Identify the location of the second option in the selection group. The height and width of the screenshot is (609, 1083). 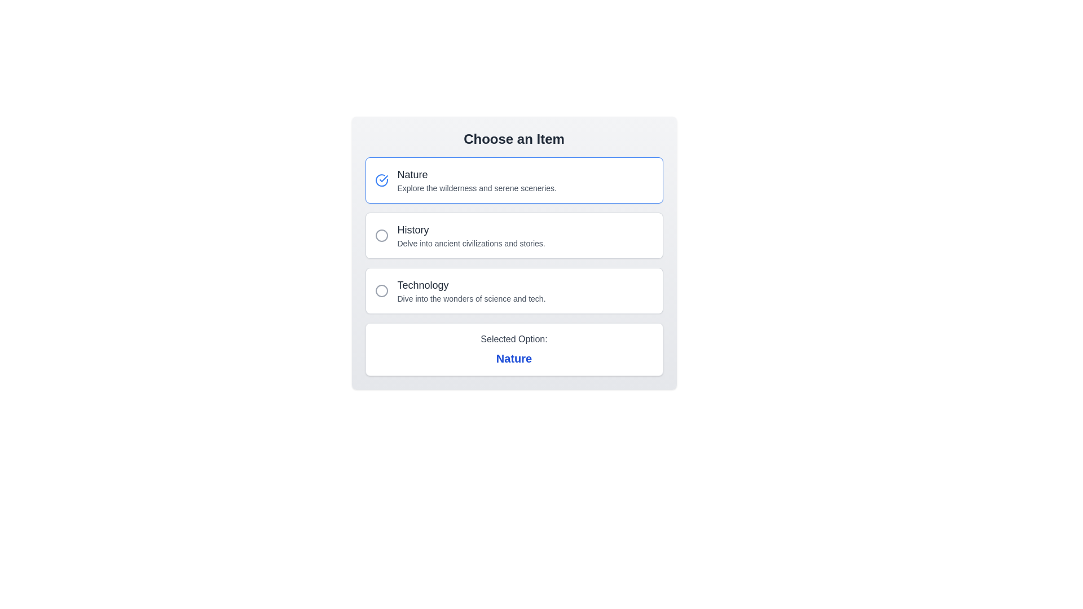
(513, 235).